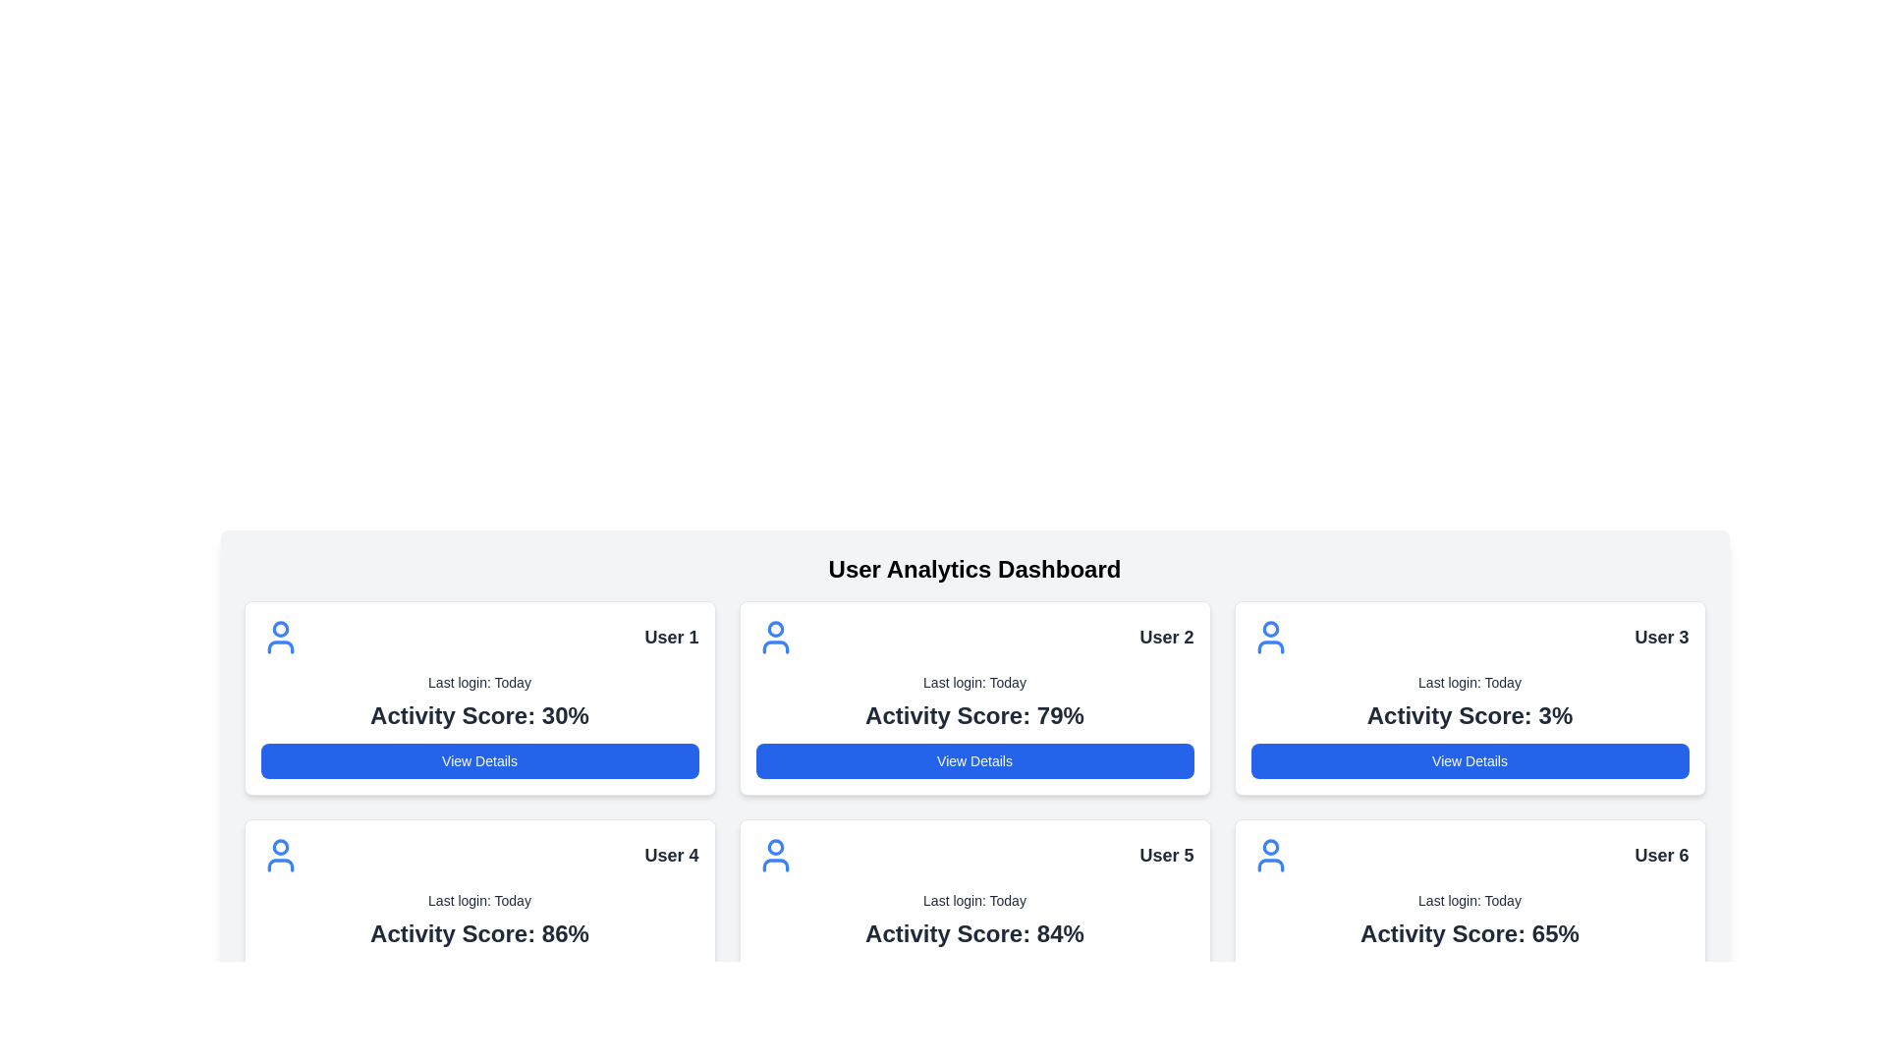 Image resolution: width=1886 pixels, height=1061 pixels. I want to click on the visual decoration element within the user icon for 'User 4' located in the second row and first column of the user dashboard, which symbolizes user identity or profile representation, so click(279, 864).